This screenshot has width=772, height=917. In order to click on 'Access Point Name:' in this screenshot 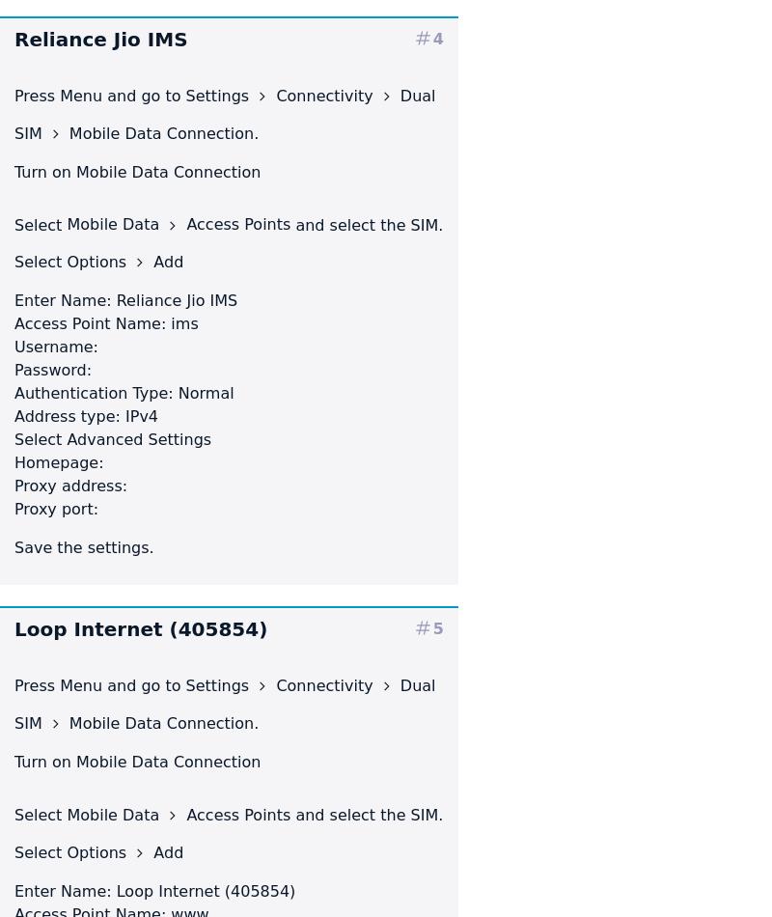, I will do `click(93, 322)`.